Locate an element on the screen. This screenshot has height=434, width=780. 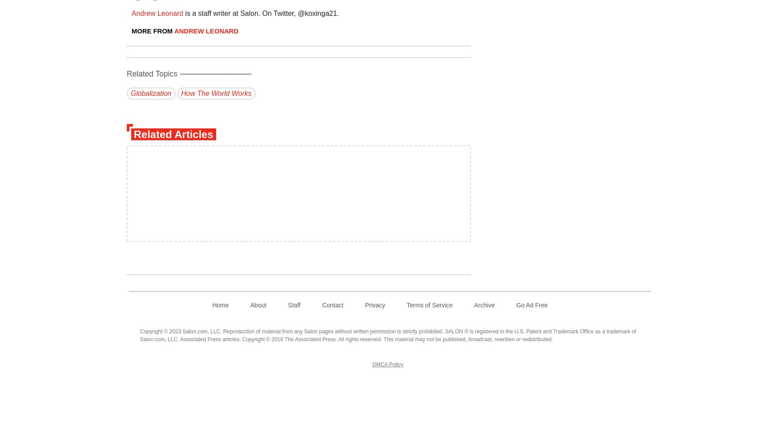
'is a staff writer at Salon. On Twitter, @koxinga21.' is located at coordinates (261, 13).